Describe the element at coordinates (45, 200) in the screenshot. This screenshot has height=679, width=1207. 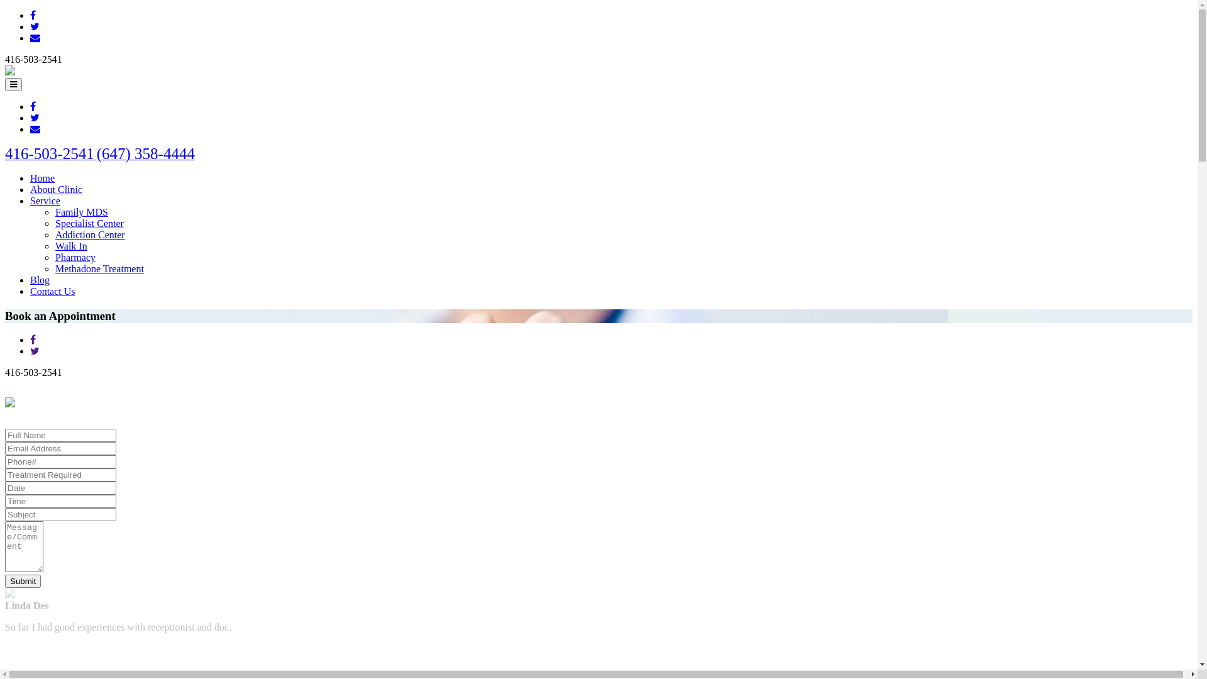
I see `'Service'` at that location.